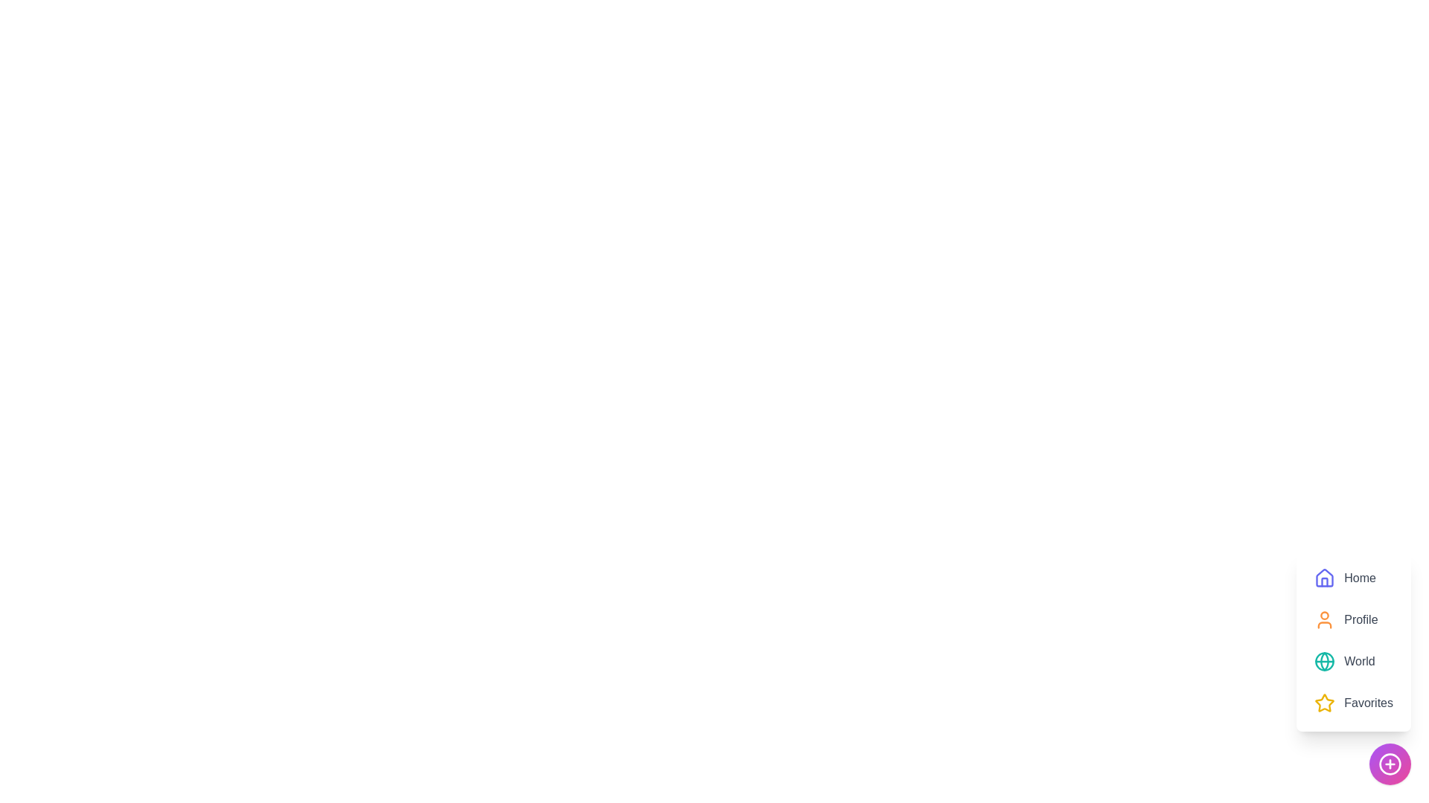  Describe the element at coordinates (1345, 578) in the screenshot. I see `the 'Home' menu item` at that location.